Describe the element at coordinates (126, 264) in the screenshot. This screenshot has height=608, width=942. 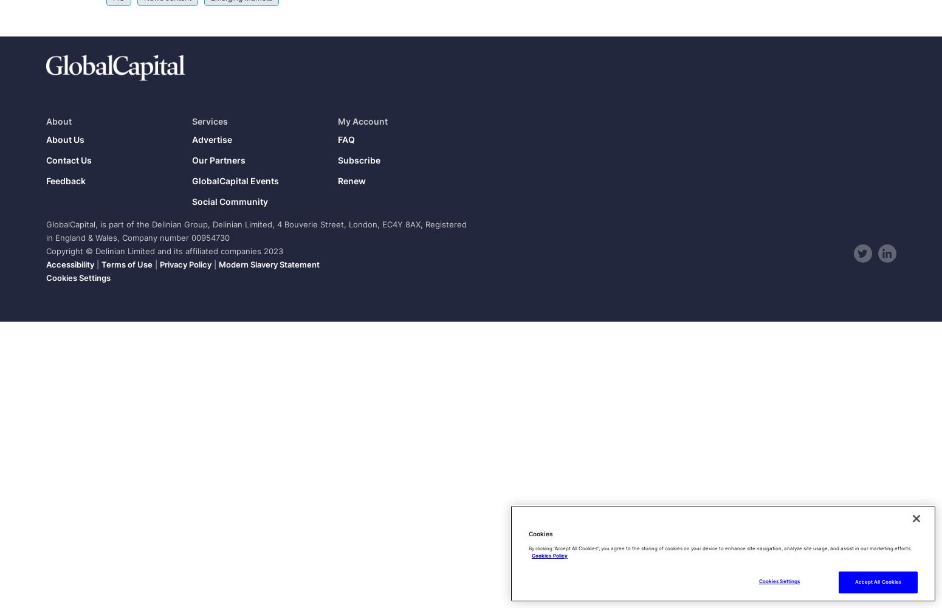
I see `'Terms of Use'` at that location.